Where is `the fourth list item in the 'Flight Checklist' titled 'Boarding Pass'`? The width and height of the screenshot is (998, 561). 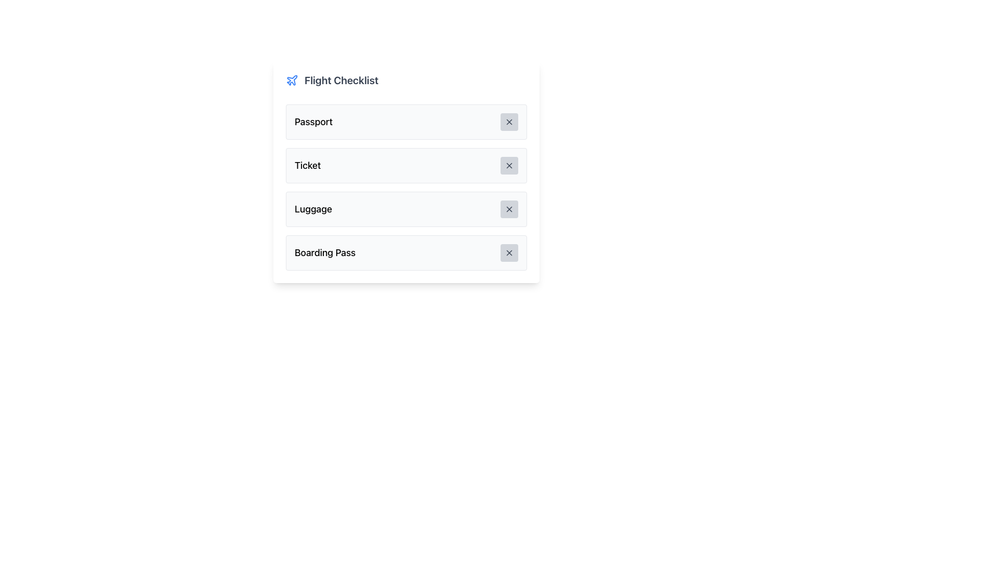
the fourth list item in the 'Flight Checklist' titled 'Boarding Pass' is located at coordinates (406, 252).